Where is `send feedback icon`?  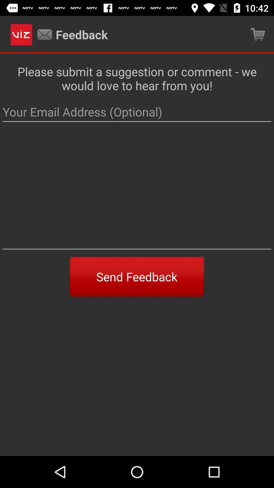
send feedback icon is located at coordinates (136, 277).